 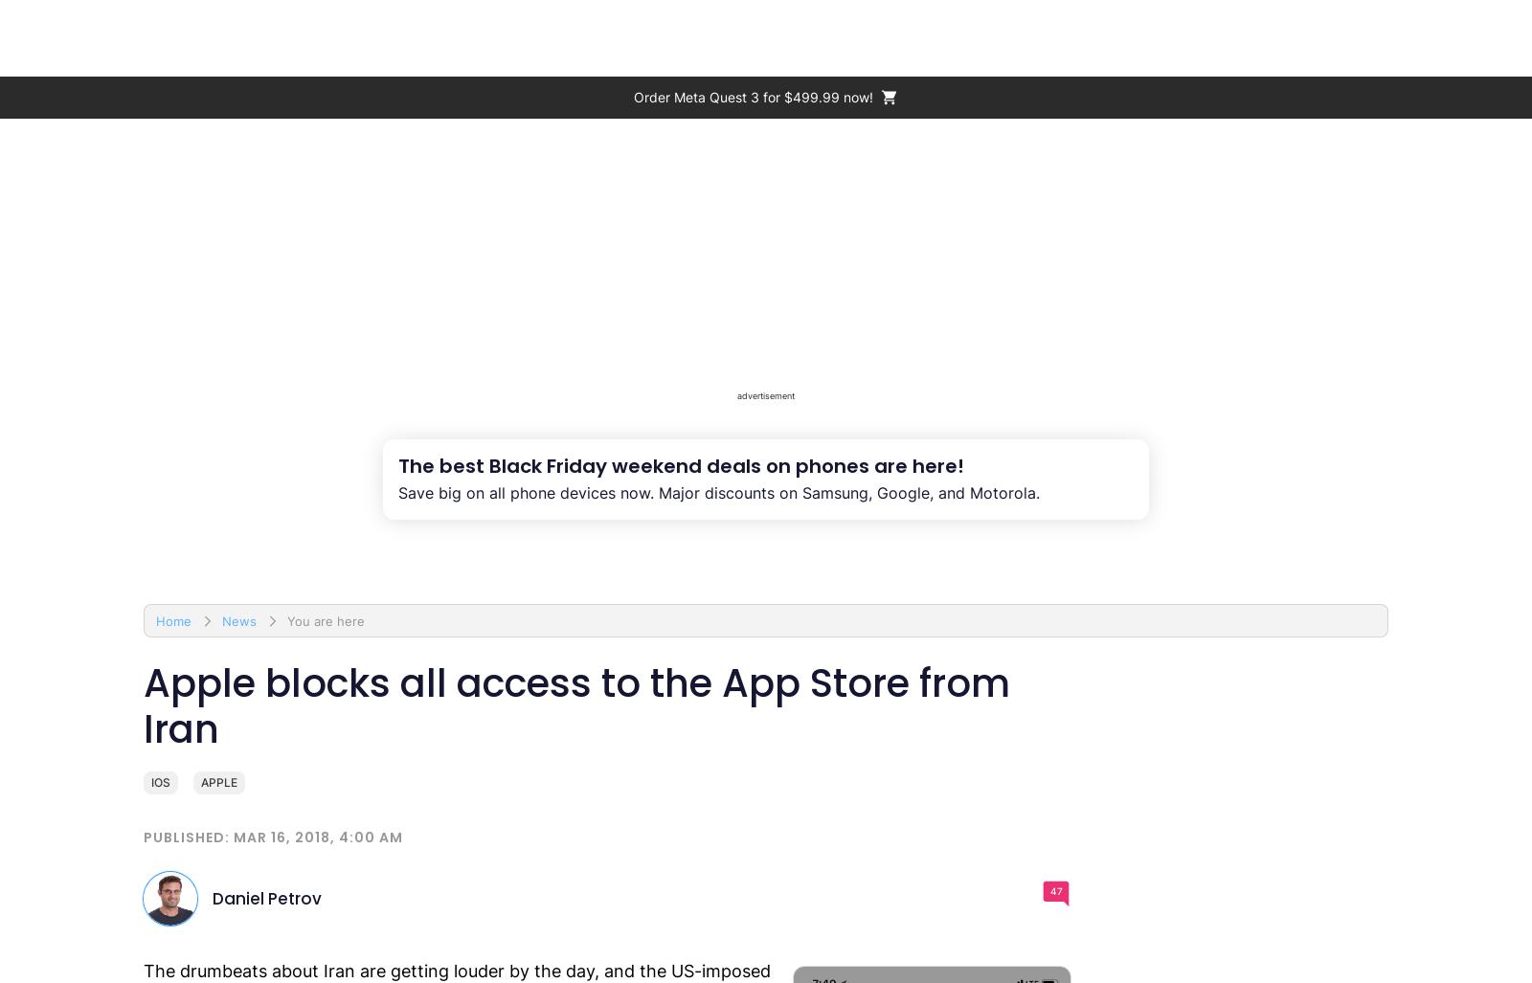 What do you see at coordinates (918, 37) in the screenshot?
I see `'Manufacturers'` at bounding box center [918, 37].